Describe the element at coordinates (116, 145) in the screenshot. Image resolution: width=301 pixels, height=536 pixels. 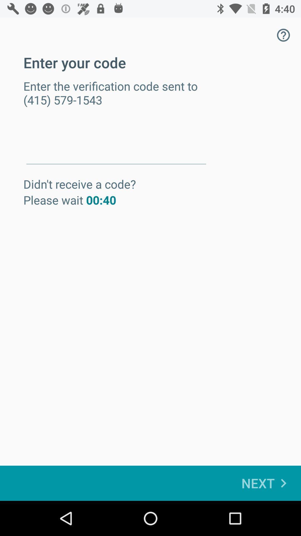
I see `the item above didn t receive item` at that location.